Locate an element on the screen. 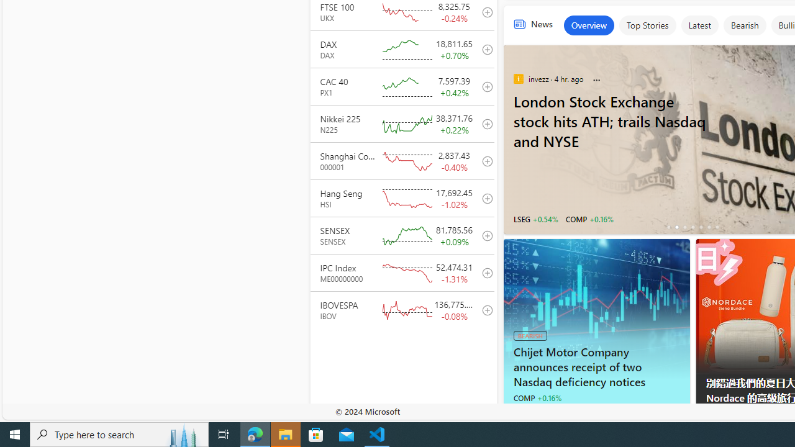 This screenshot has height=447, width=795. 'Bearish' is located at coordinates (744, 25).